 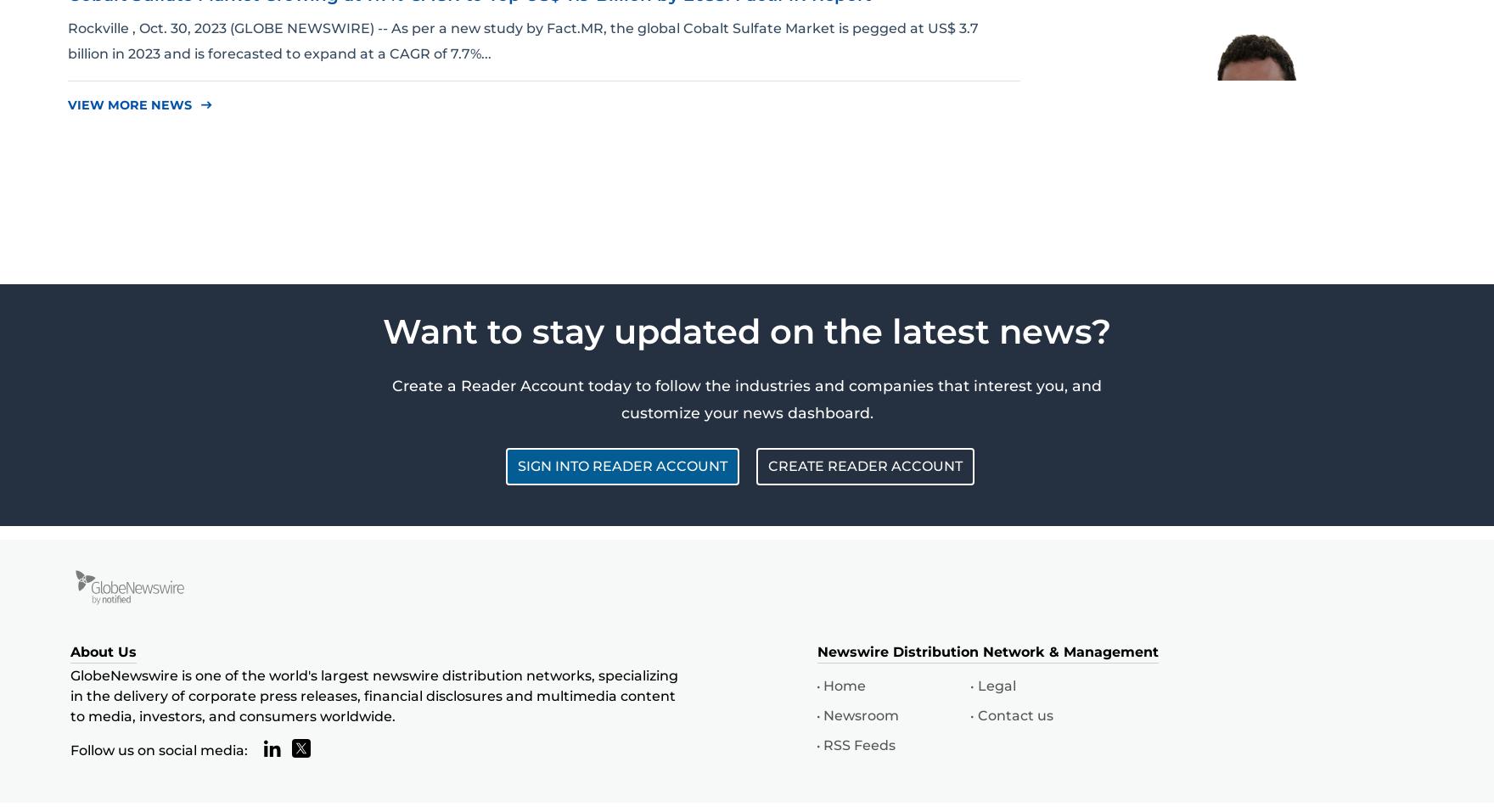 I want to click on 'GlobeNewswire is one of the world's largest newswire distribution networks, specializing in the delivery of corporate press releases, financial disclosures and multimedia content to media, investors, and consumers worldwide.', so click(x=70, y=695).